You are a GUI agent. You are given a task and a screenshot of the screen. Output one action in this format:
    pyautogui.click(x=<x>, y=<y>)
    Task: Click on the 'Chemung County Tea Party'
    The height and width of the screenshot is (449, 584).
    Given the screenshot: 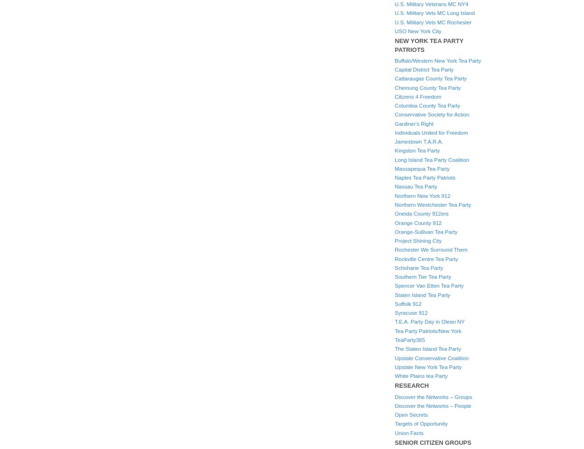 What is the action you would take?
    pyautogui.click(x=394, y=87)
    